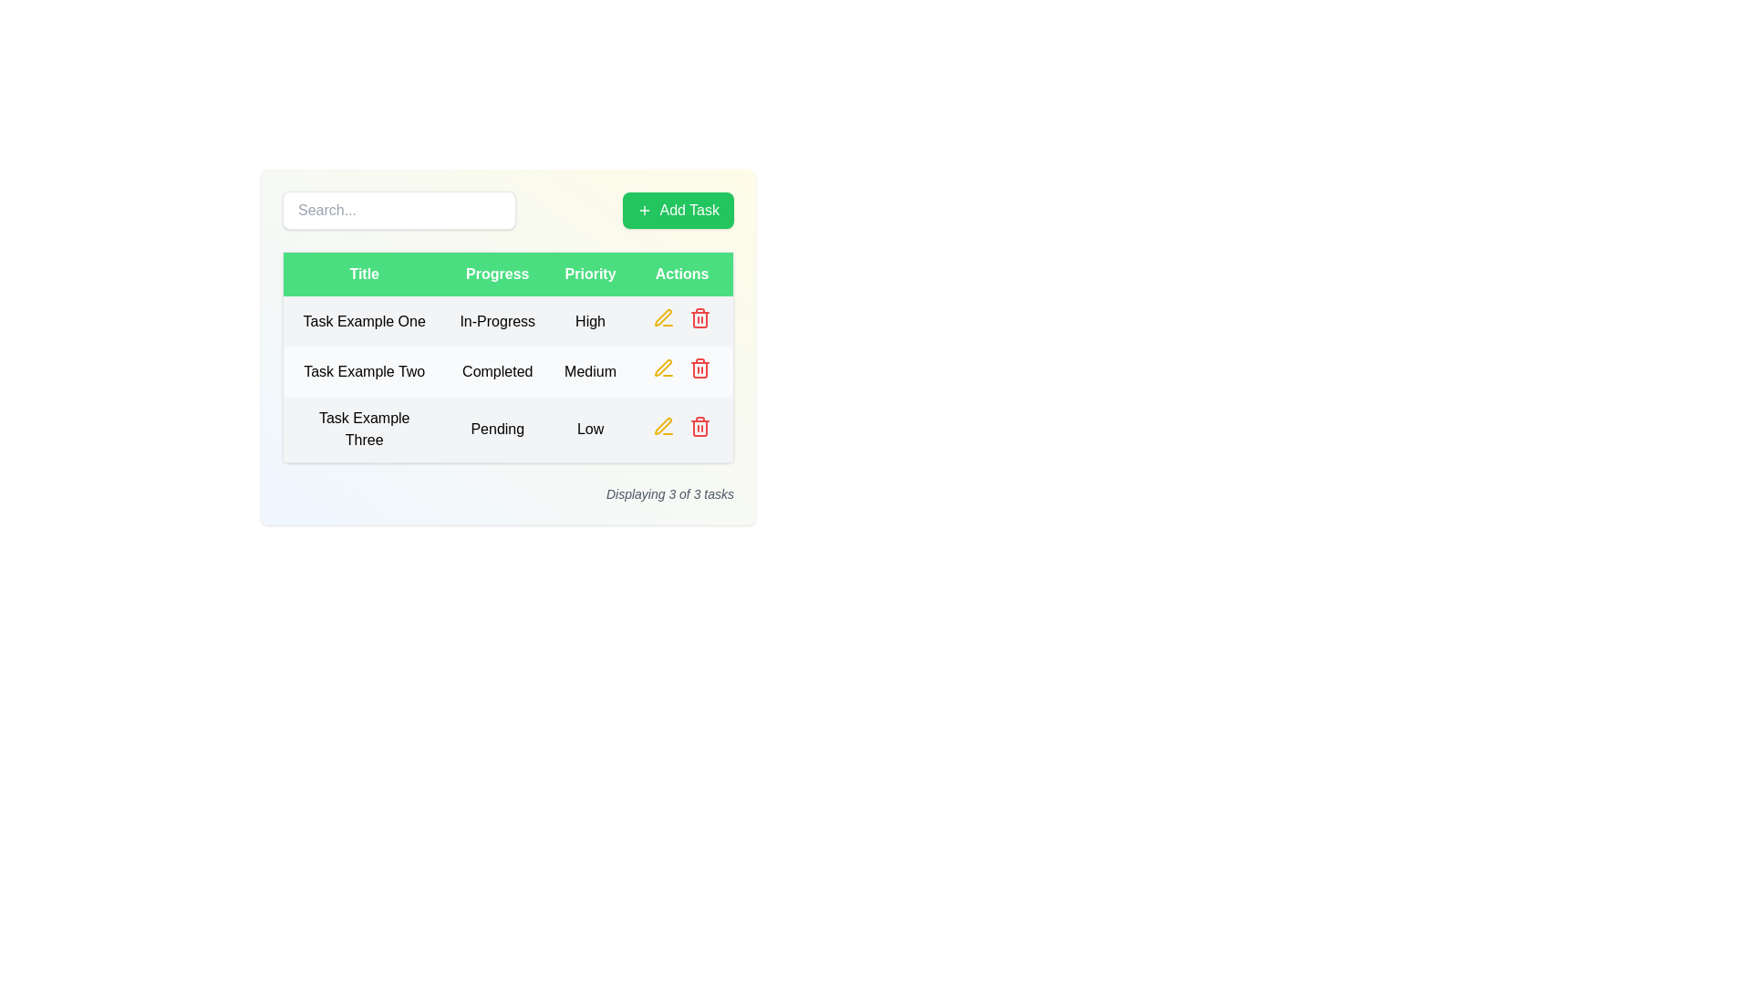 Image resolution: width=1751 pixels, height=985 pixels. I want to click on the third row of the task table containing 'Task Example Three' with status 'Pending' and priority 'Low', so click(508, 430).